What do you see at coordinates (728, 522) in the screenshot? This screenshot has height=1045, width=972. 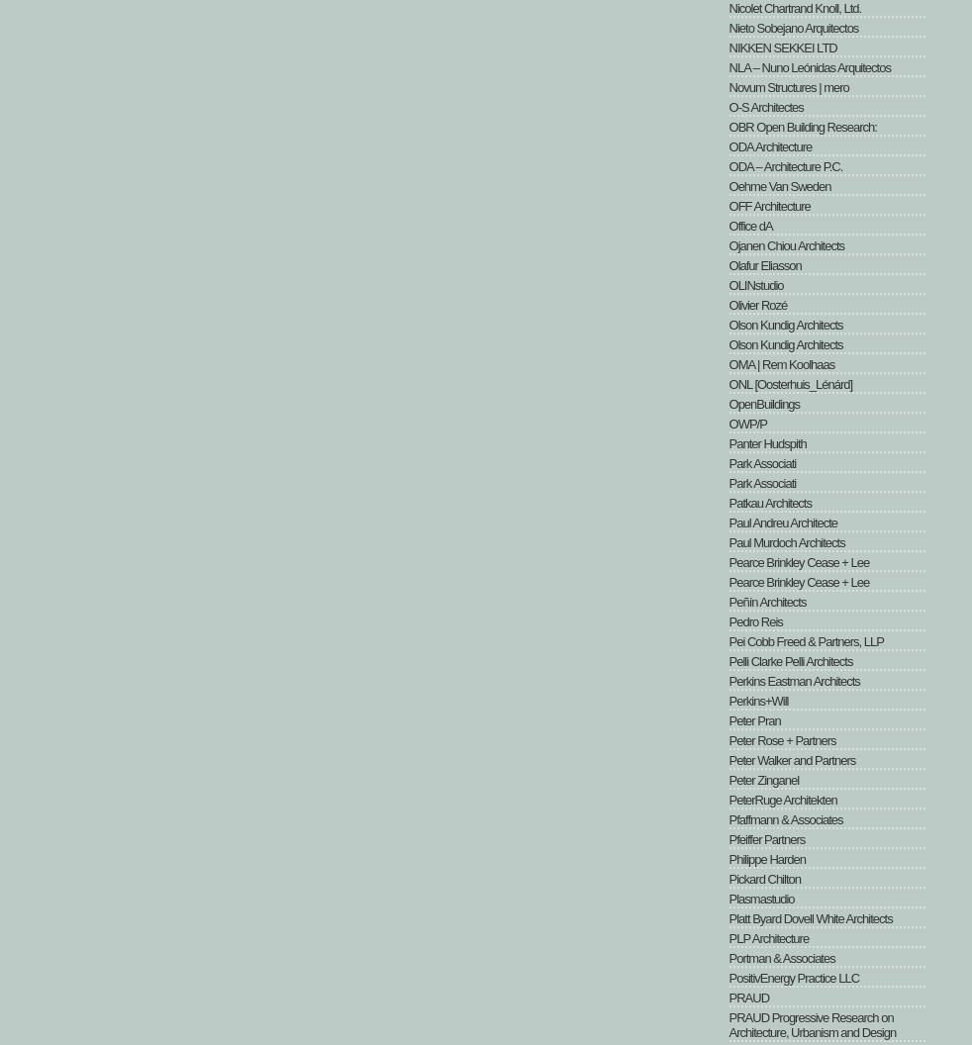 I see `'Paul Andreu Architecte'` at bounding box center [728, 522].